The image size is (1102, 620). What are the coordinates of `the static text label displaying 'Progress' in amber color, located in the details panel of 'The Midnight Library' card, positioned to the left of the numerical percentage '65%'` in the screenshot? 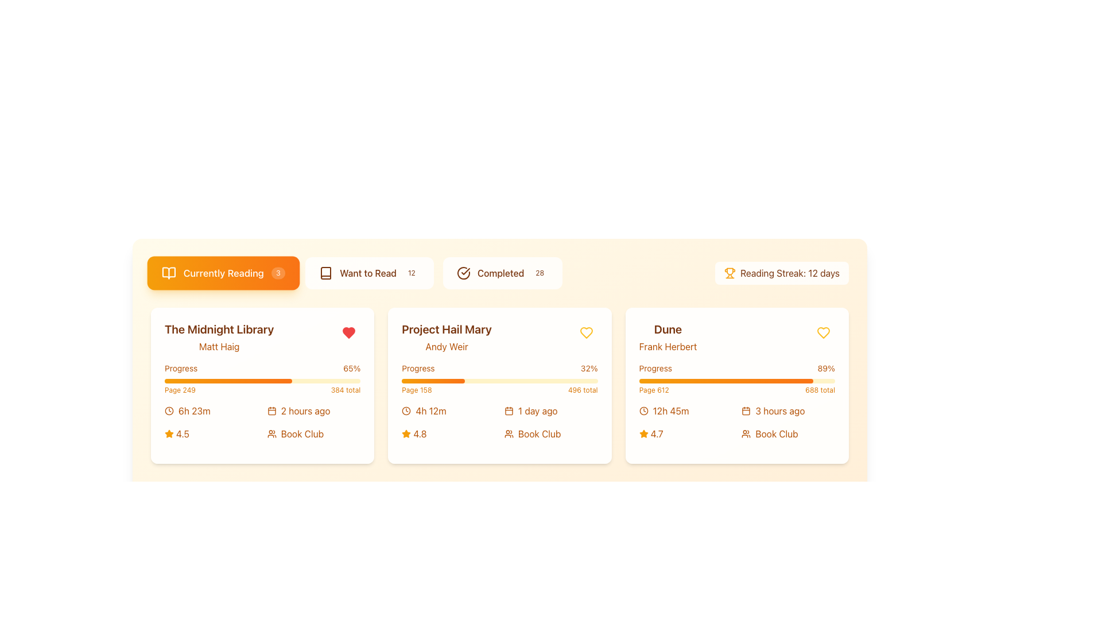 It's located at (180, 368).